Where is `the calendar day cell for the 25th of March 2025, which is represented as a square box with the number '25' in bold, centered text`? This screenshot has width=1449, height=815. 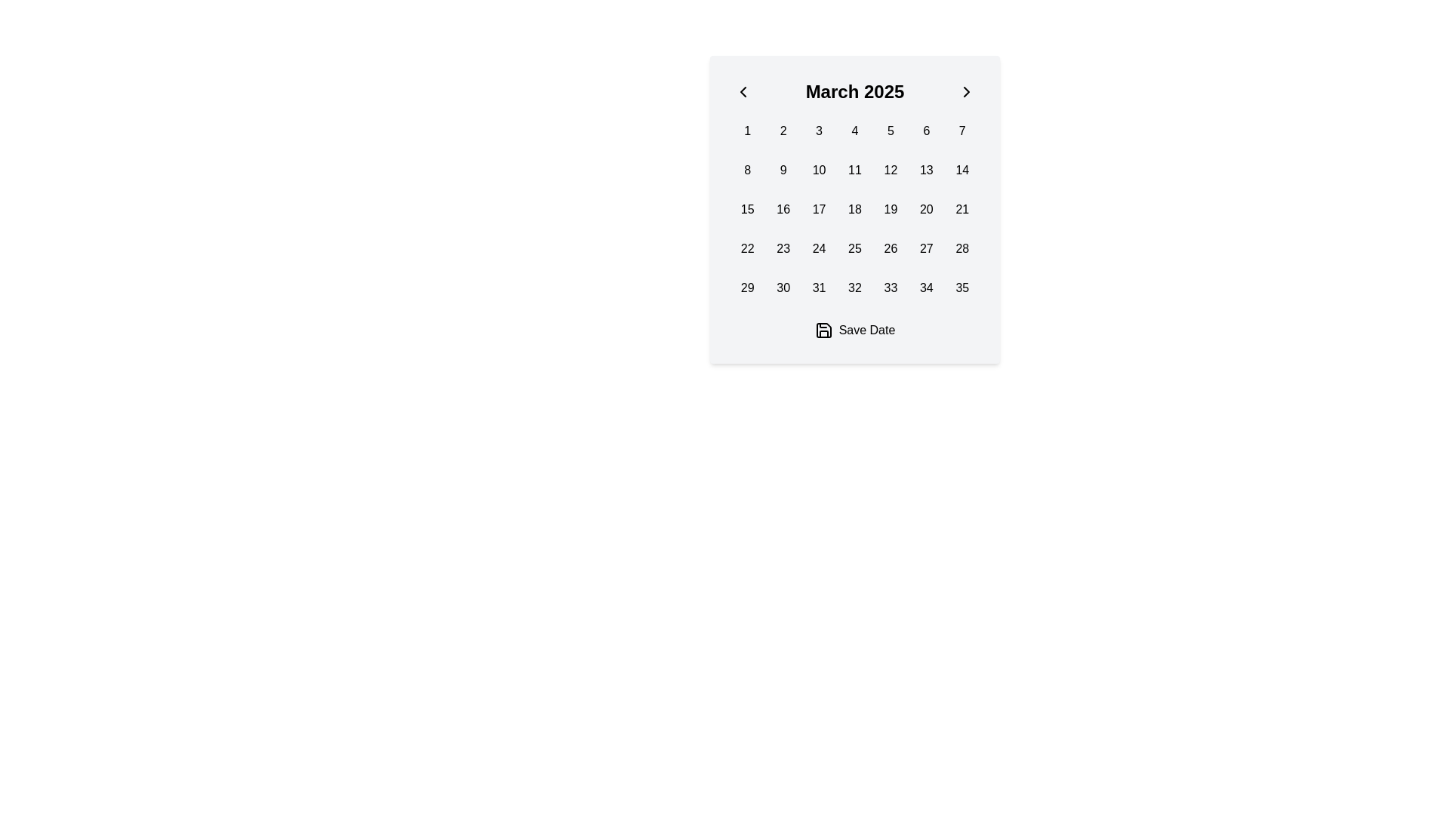 the calendar day cell for the 25th of March 2025, which is represented as a square box with the number '25' in bold, centered text is located at coordinates (854, 248).